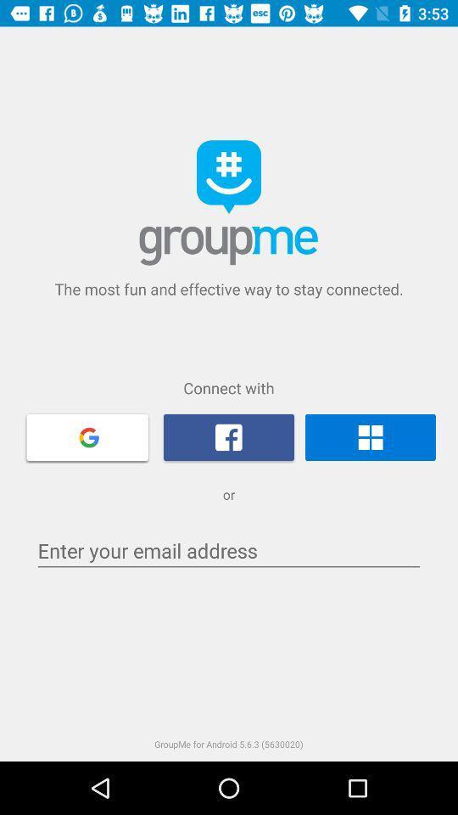  What do you see at coordinates (87, 436) in the screenshot?
I see `the item below connect with item` at bounding box center [87, 436].